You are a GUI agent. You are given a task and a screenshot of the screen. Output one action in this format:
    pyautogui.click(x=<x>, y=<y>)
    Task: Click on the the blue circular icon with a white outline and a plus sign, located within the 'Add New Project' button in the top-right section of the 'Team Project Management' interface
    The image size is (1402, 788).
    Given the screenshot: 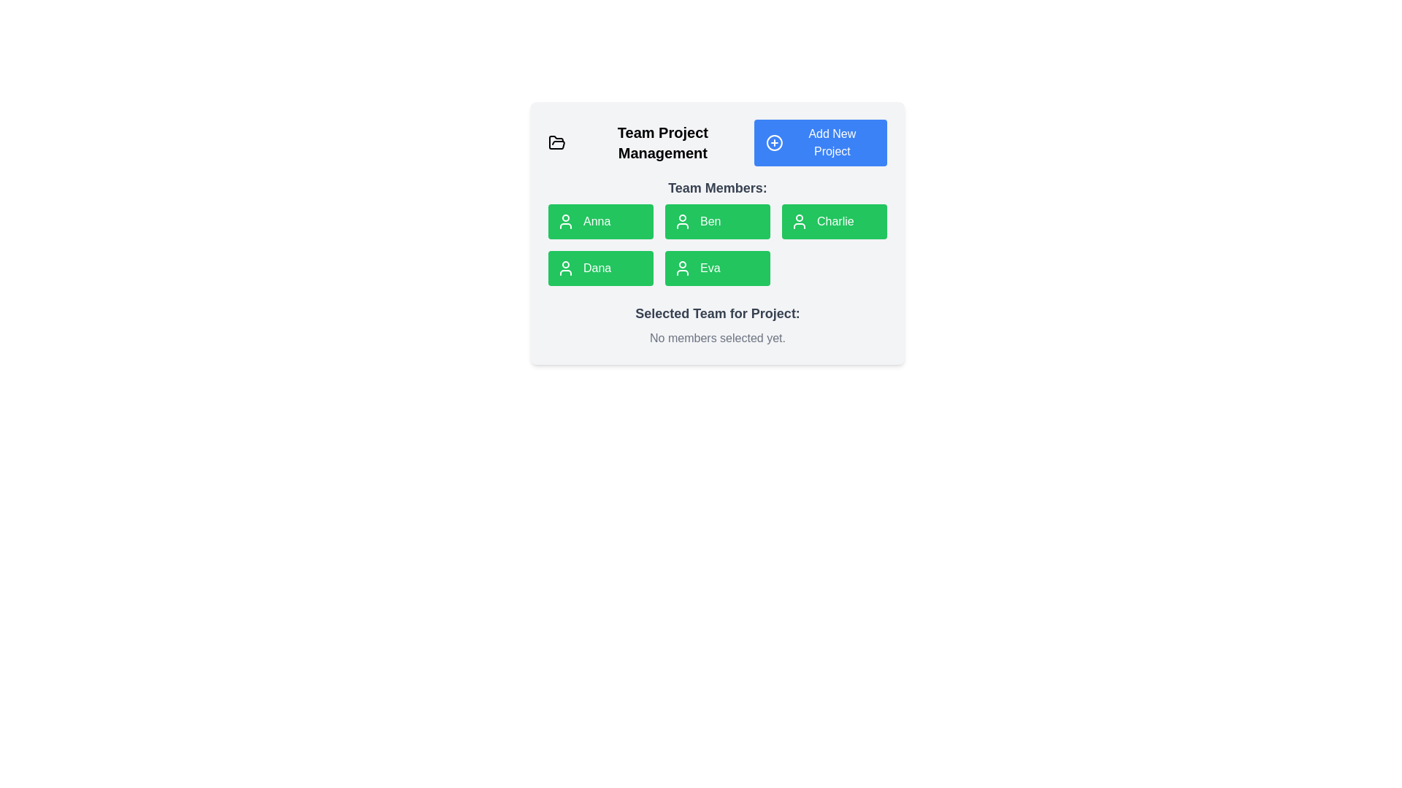 What is the action you would take?
    pyautogui.click(x=773, y=143)
    